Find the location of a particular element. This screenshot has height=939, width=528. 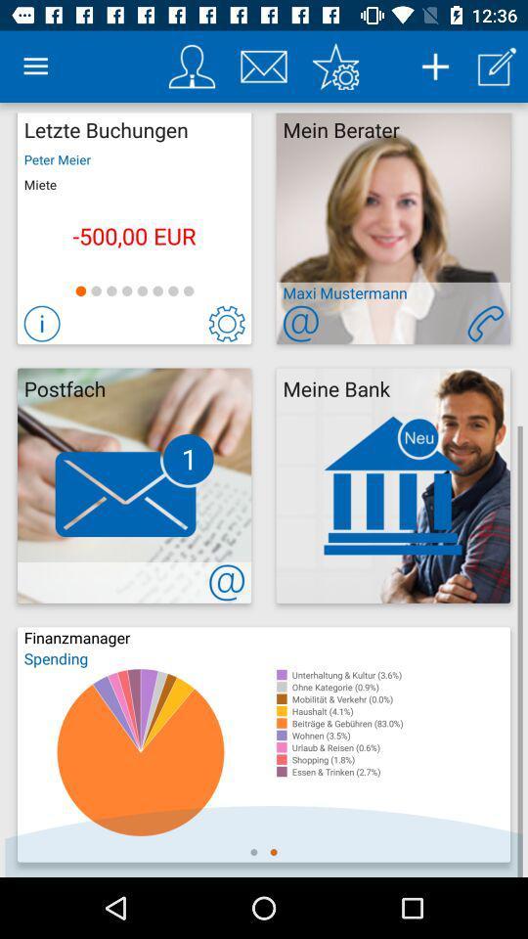

send an email is located at coordinates (300, 324).